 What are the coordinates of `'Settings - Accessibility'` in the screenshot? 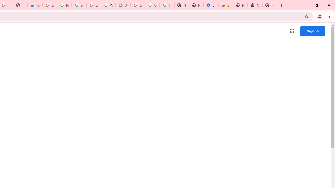 It's located at (211, 5).